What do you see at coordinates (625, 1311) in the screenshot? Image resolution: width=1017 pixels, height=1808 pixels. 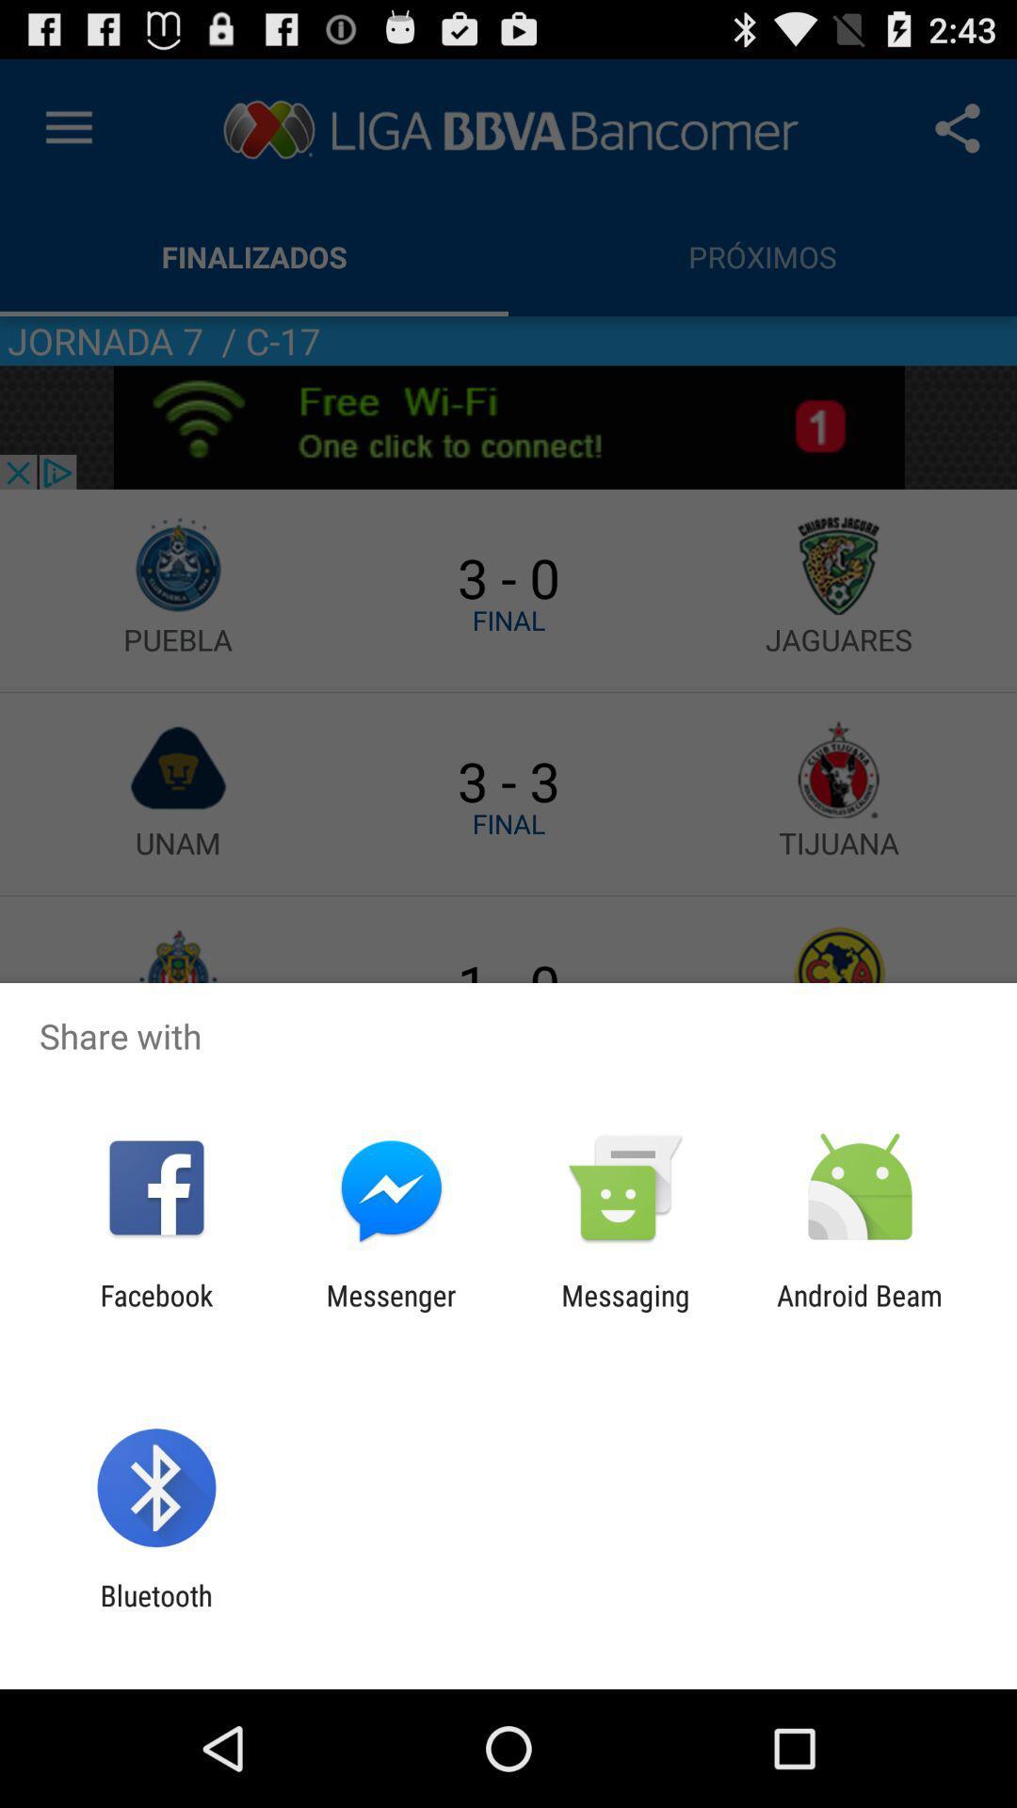 I see `app to the left of the android beam icon` at bounding box center [625, 1311].